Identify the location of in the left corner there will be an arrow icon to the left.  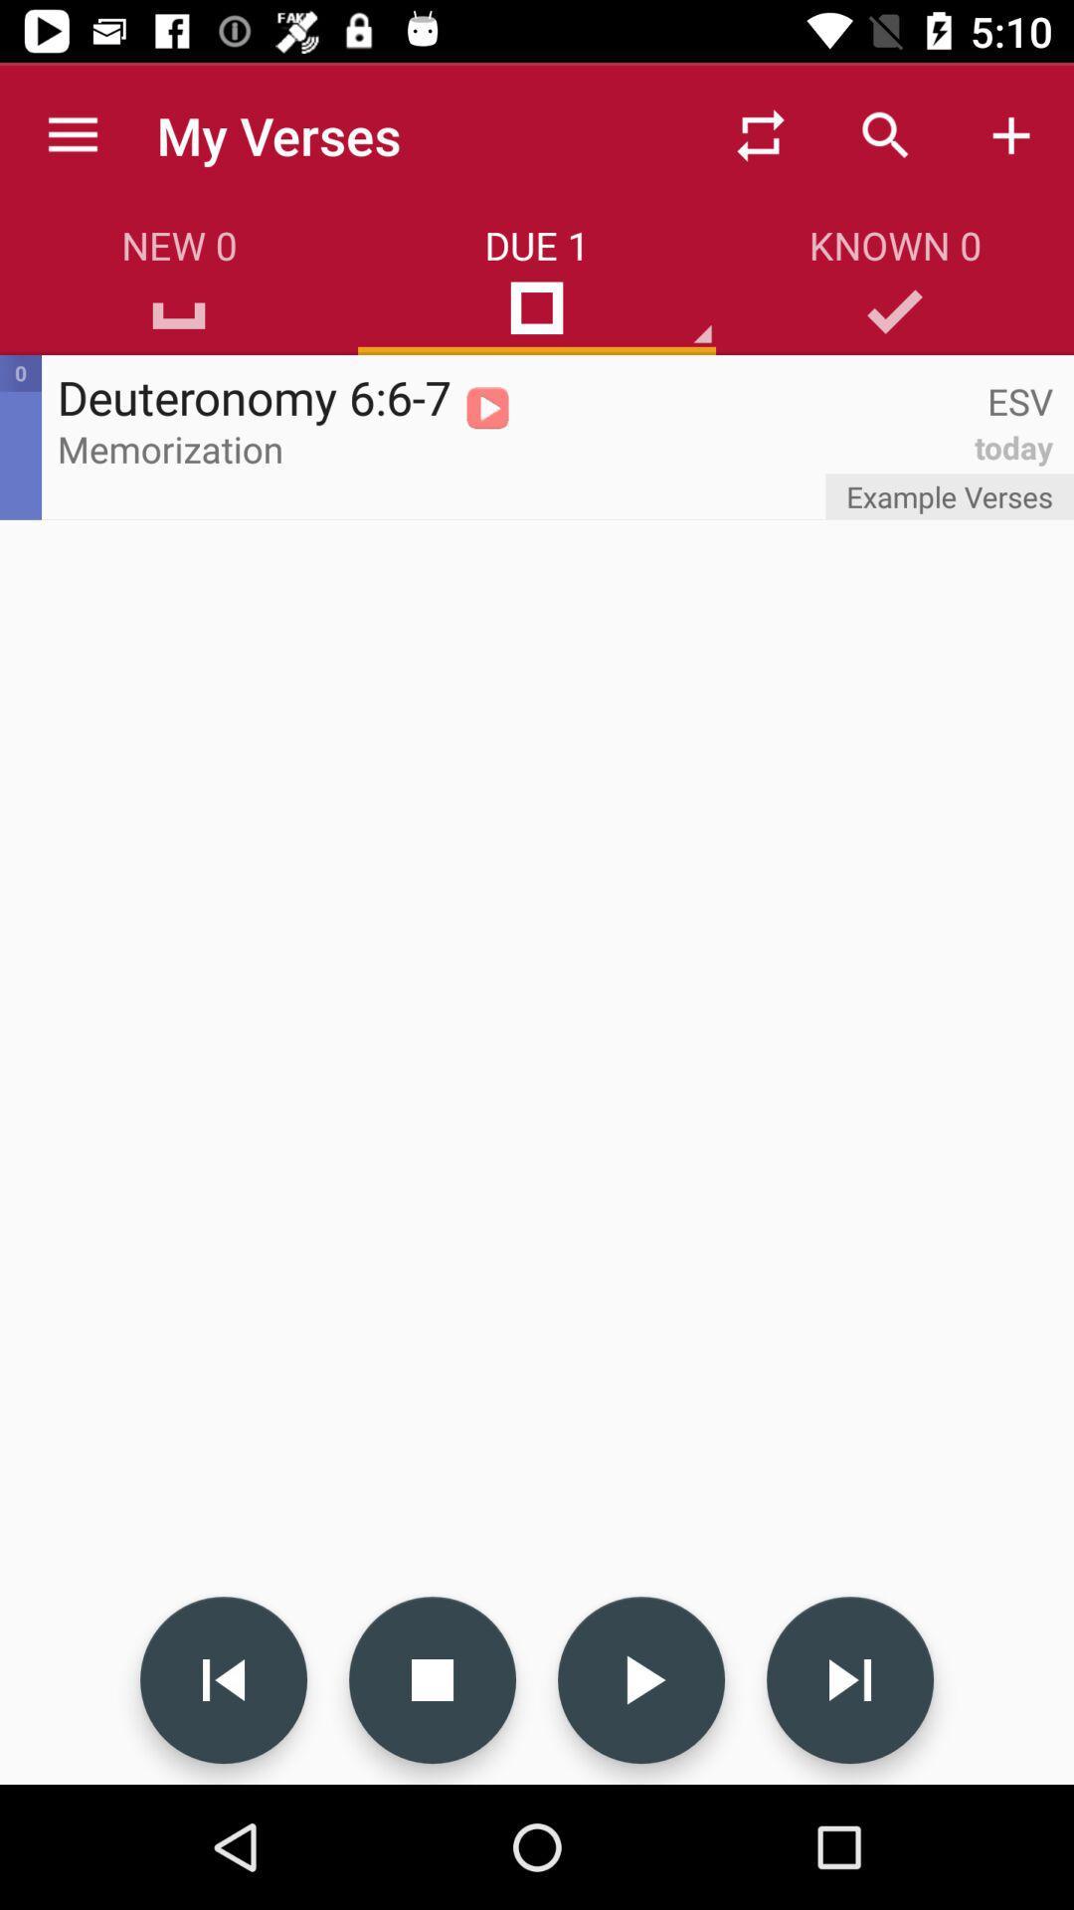
(223, 1679).